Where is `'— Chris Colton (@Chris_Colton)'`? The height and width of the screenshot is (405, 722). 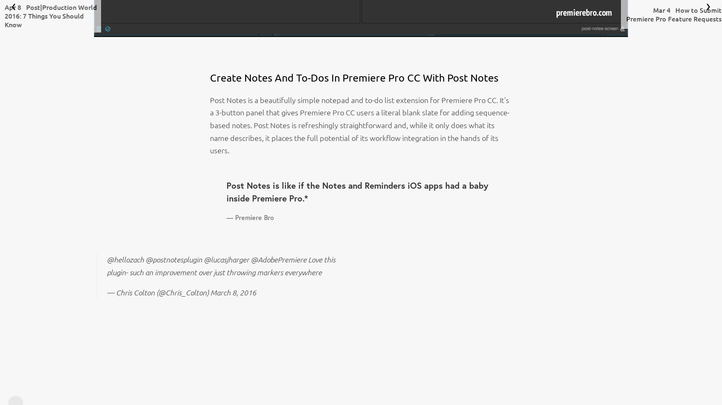
'— Chris Colton (@Chris_Colton)' is located at coordinates (158, 292).